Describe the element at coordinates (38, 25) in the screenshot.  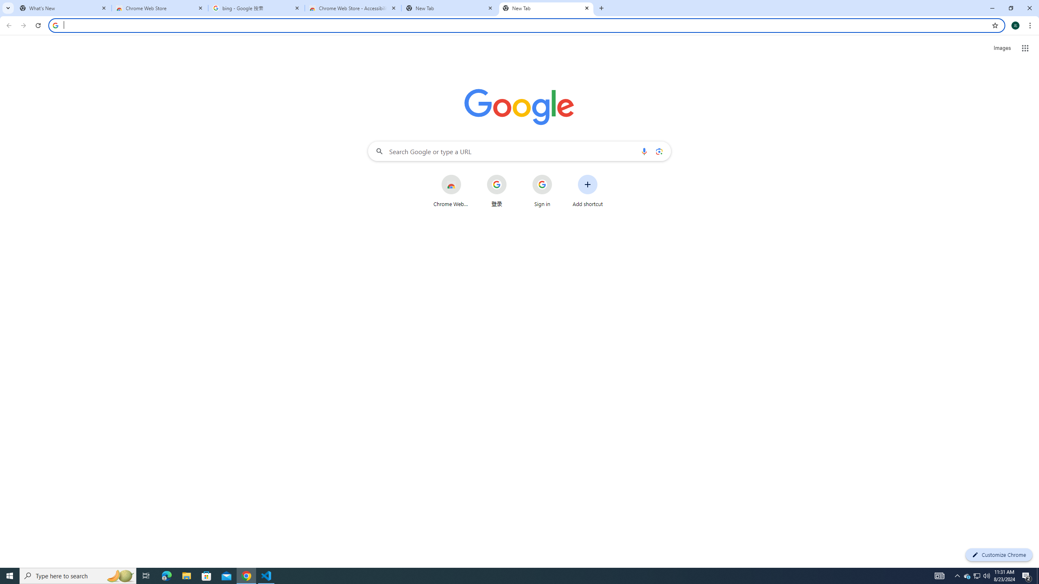
I see `'Reload'` at that location.